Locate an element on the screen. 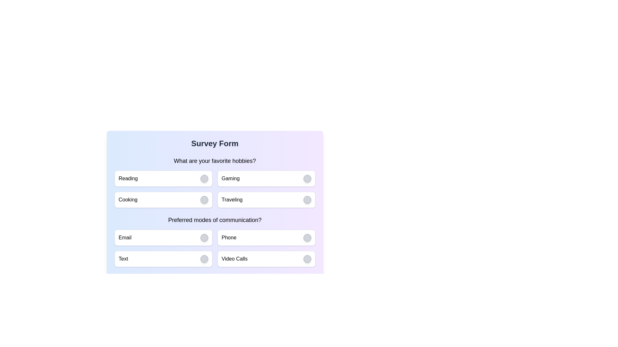  the text label that identifies an option for hobbies in the survey, located in the second row of options under 'What are your favorite hobbies?' is located at coordinates (232, 199).